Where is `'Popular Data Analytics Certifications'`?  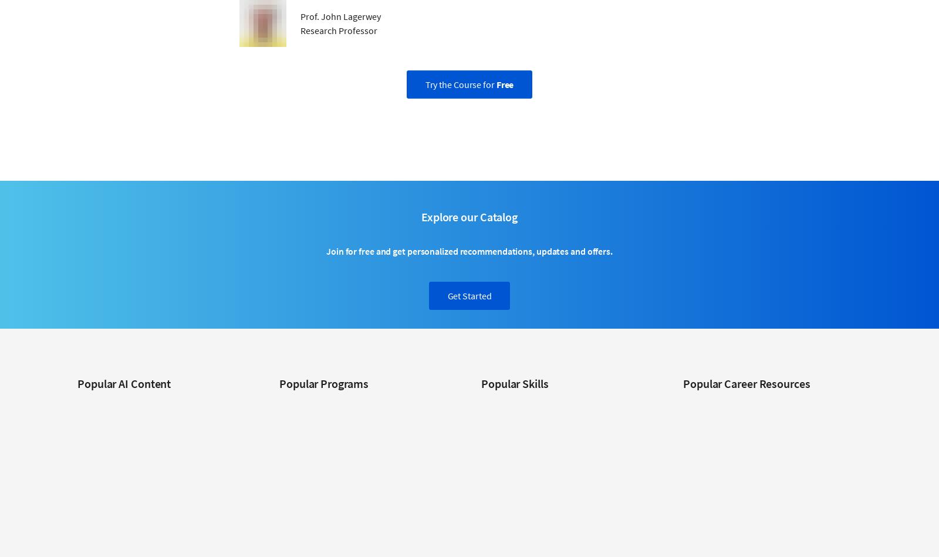
'Popular Data Analytics Certifications' is located at coordinates (746, 544).